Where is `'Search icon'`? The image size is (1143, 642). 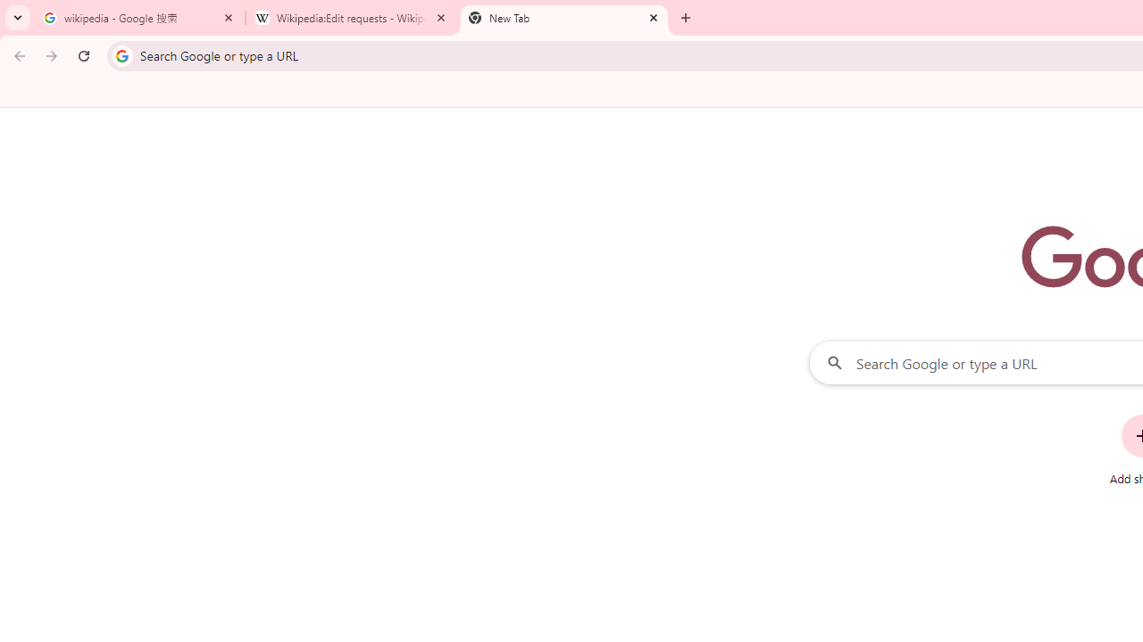
'Search icon' is located at coordinates (121, 54).